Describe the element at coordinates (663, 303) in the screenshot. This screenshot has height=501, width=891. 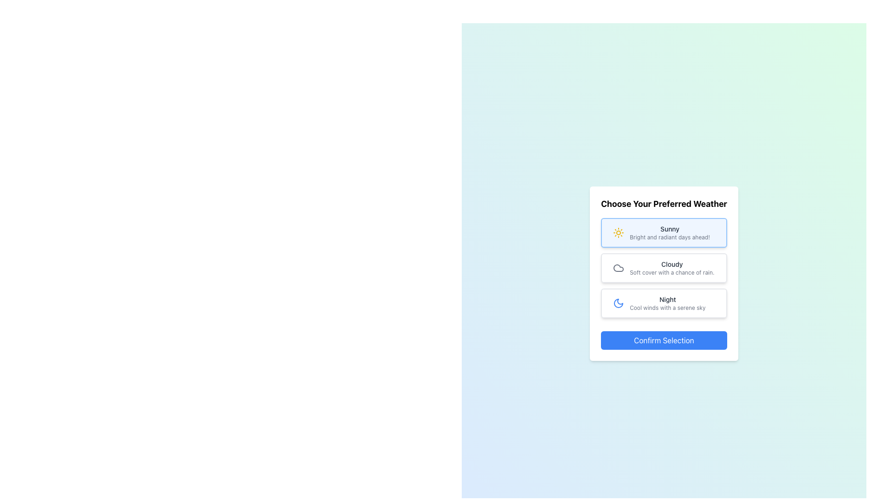
I see `the selectable option for 'Night' located as the third choice in a vertical list of weather-related options, positioned below 'Cloudy' and above the confirmation button` at that location.